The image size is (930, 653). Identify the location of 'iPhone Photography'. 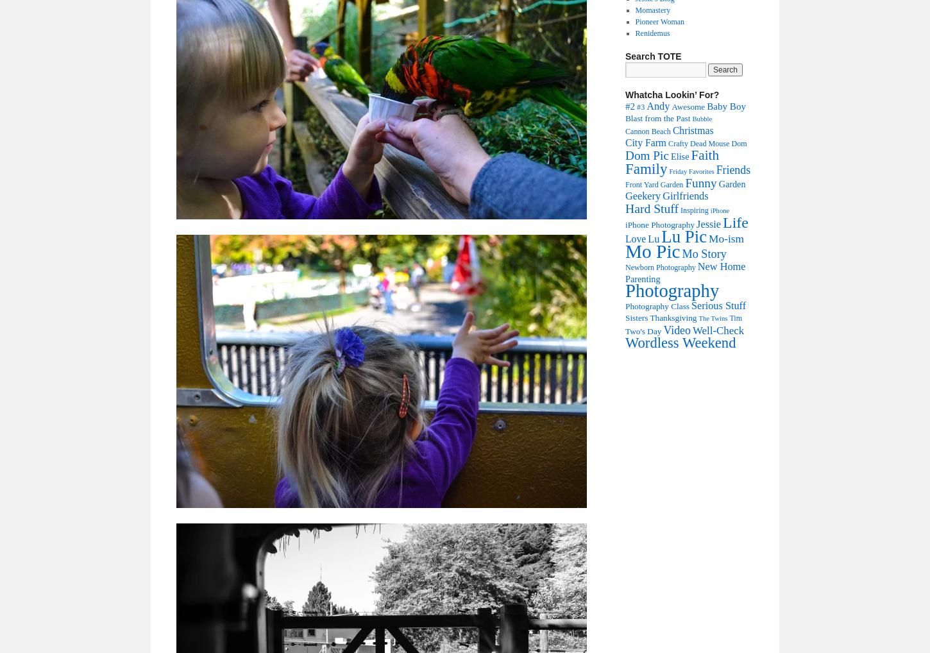
(660, 224).